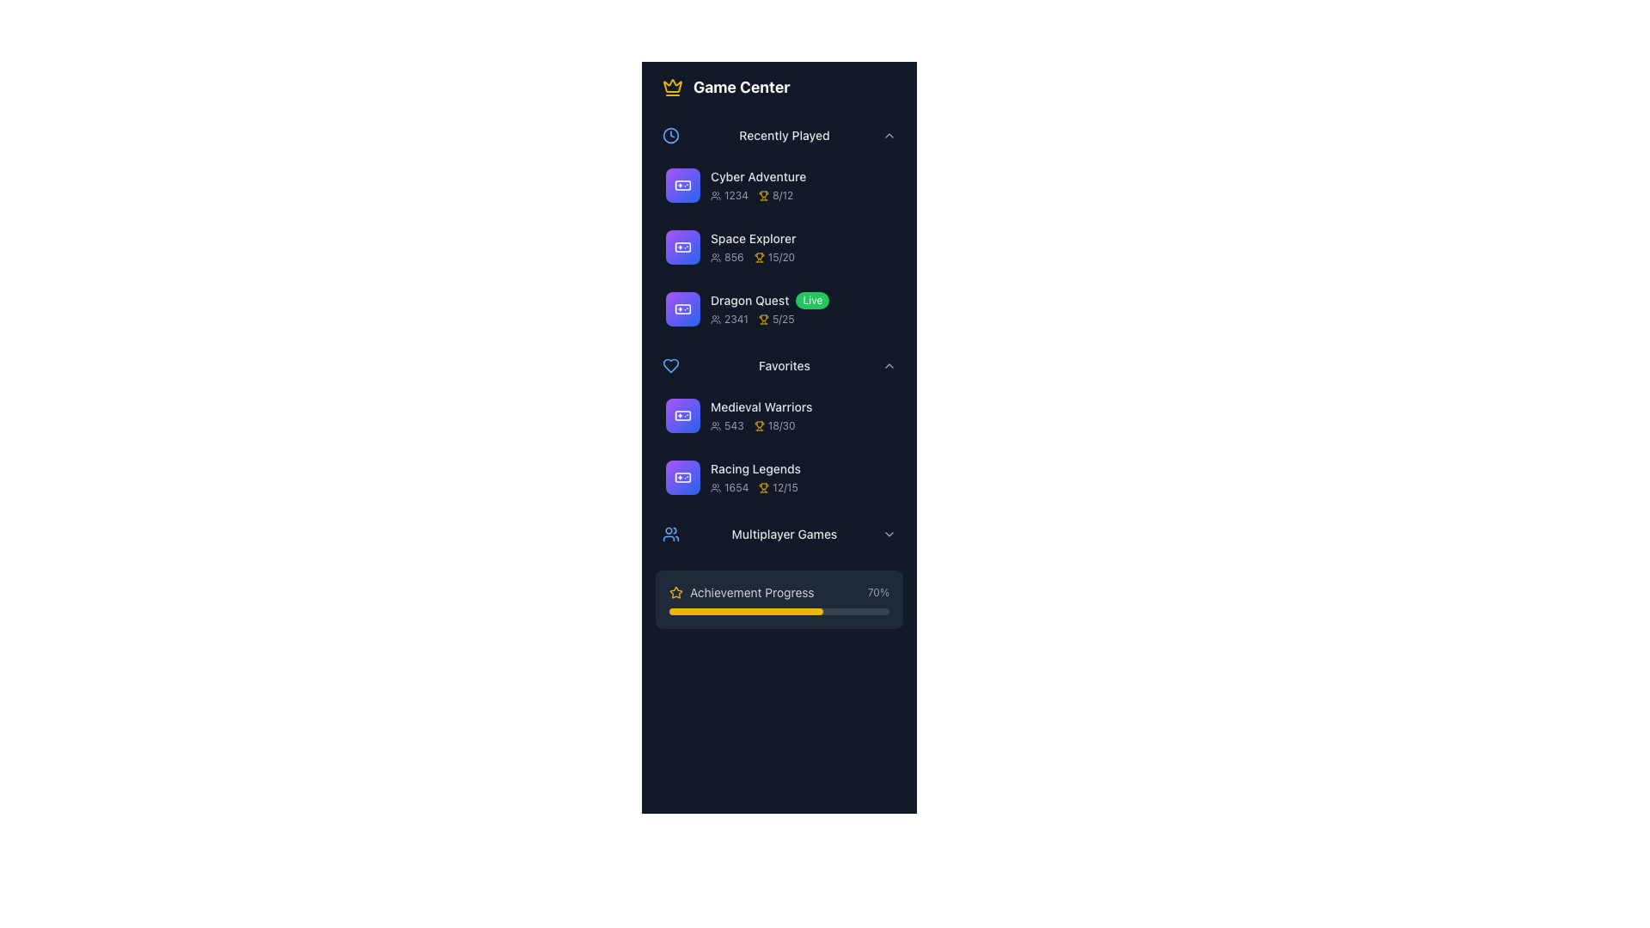 The height and width of the screenshot is (928, 1650). Describe the element at coordinates (761, 407) in the screenshot. I see `the 'Medieval Warriors' title label located under the 'Favorites' section` at that location.